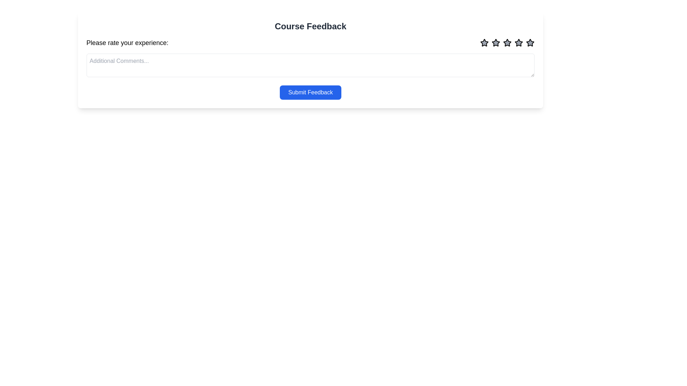 This screenshot has width=687, height=386. I want to click on the first star icon in the Course Feedback section, so click(484, 43).